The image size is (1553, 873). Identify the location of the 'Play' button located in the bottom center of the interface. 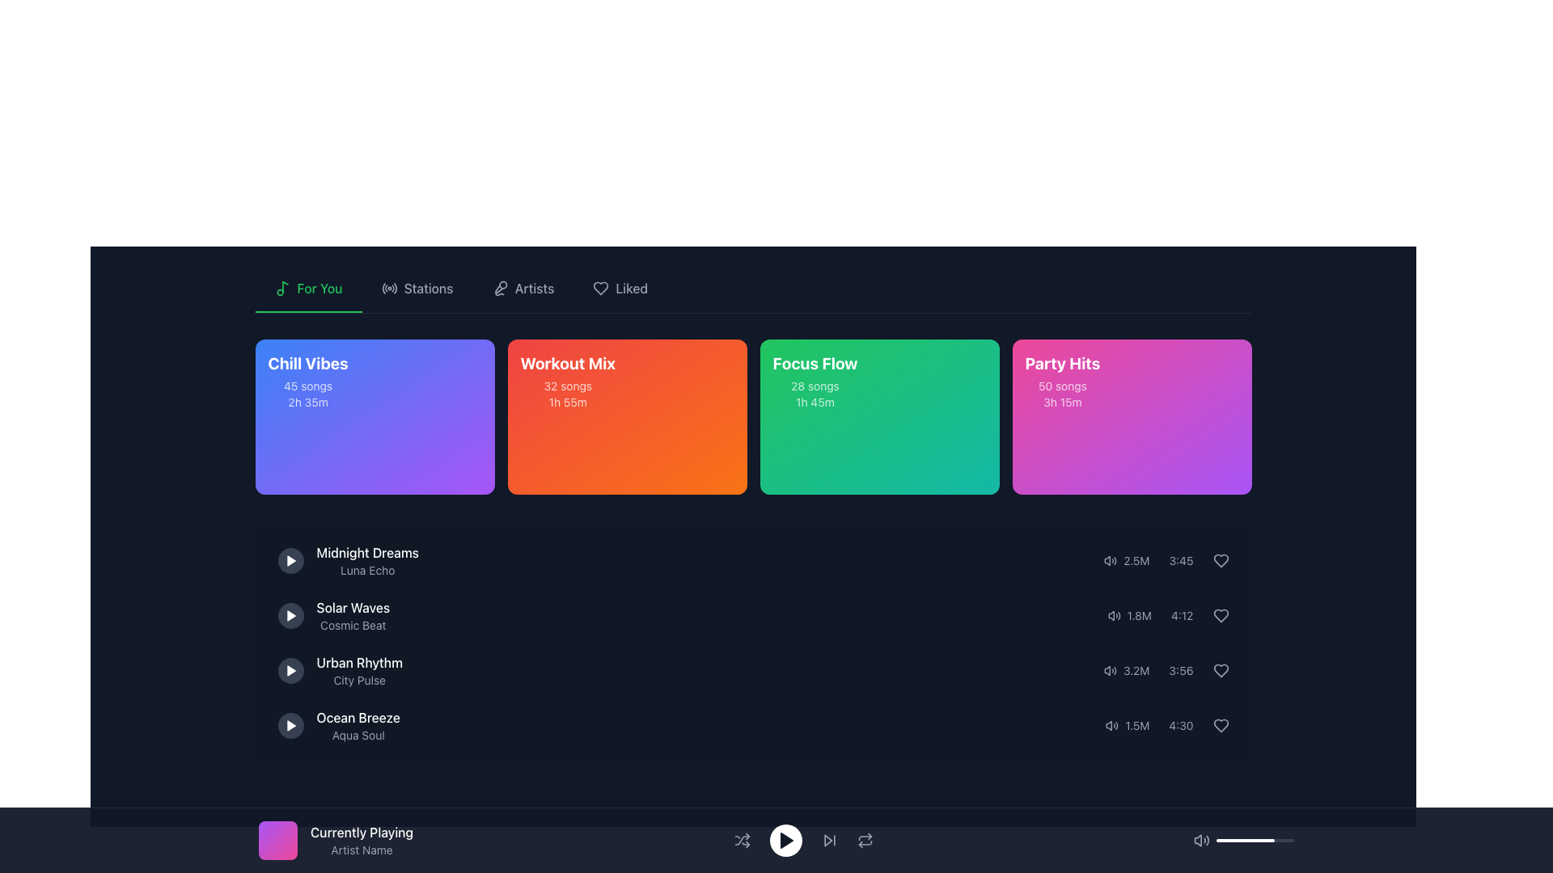
(785, 840).